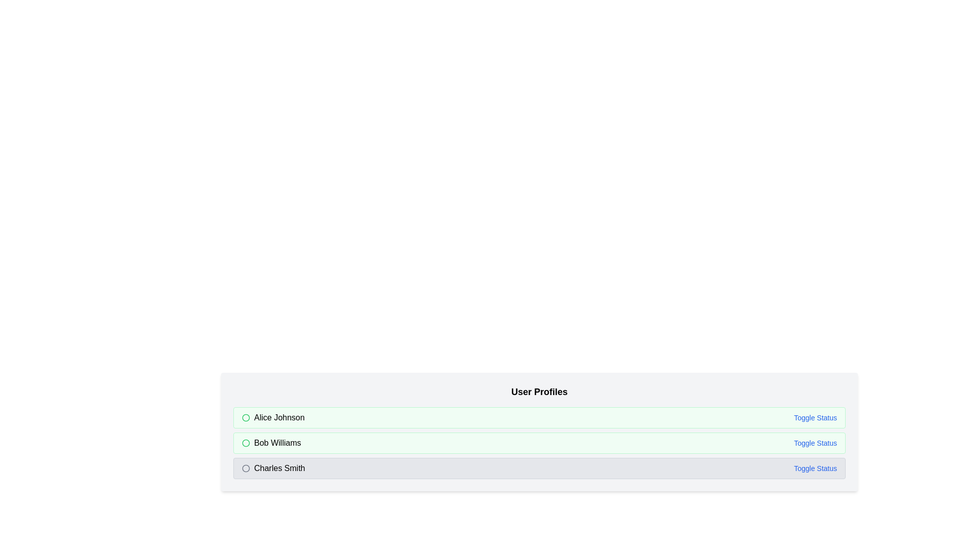  Describe the element at coordinates (246, 418) in the screenshot. I see `the circular status indicator icon located to the left of the text 'Alice Johnson', which signifies the active or online status for the user profile` at that location.